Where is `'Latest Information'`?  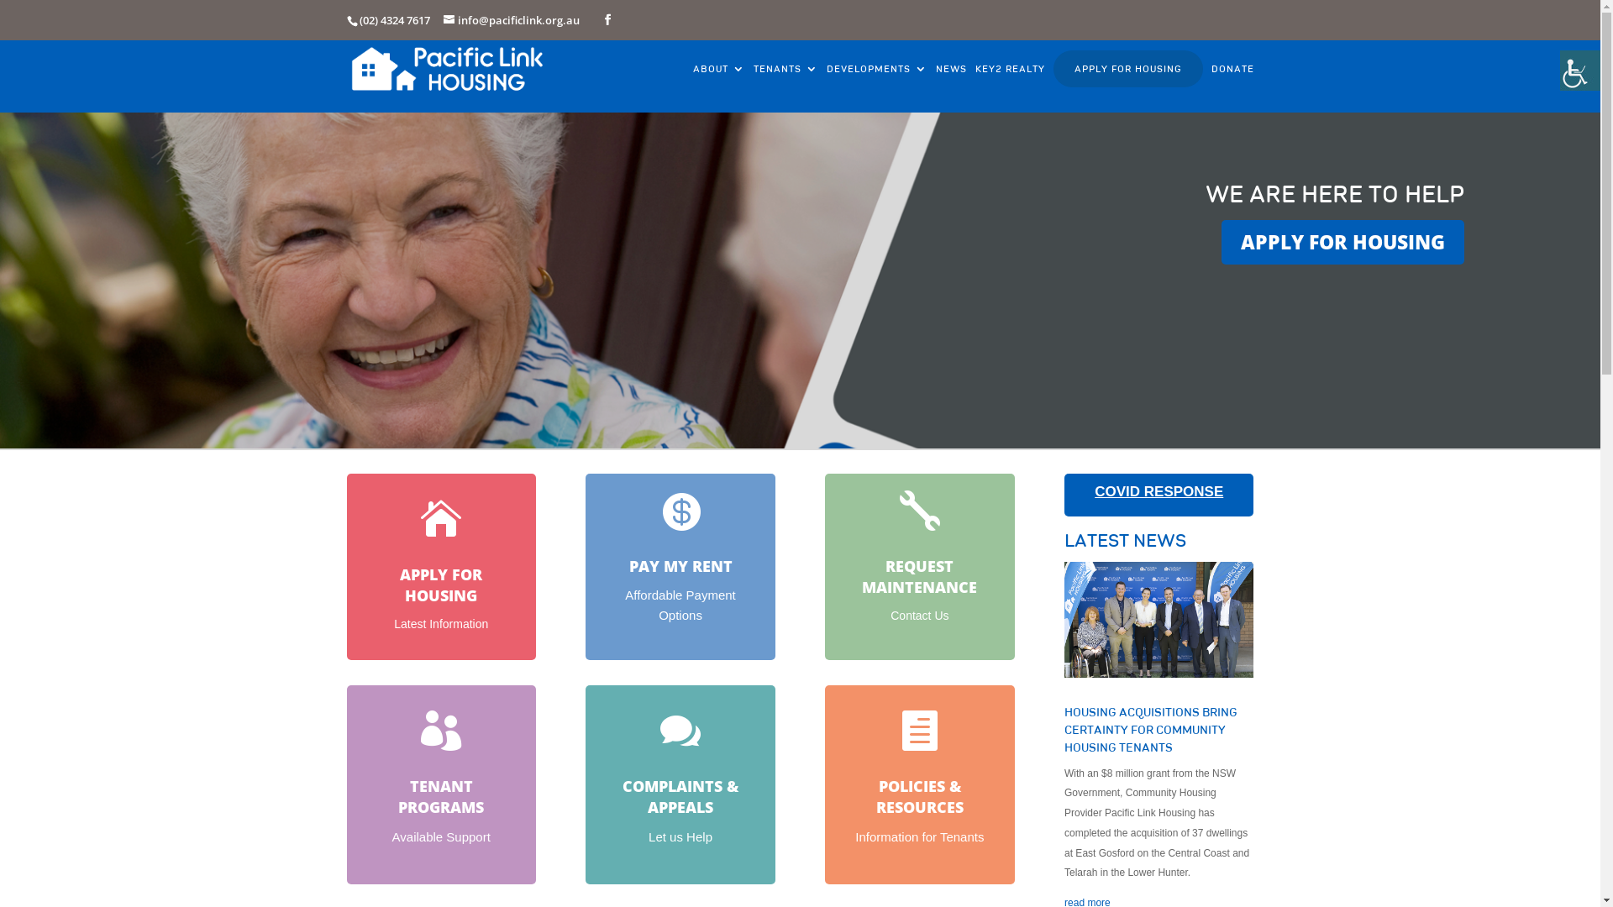 'Latest Information' is located at coordinates (393, 624).